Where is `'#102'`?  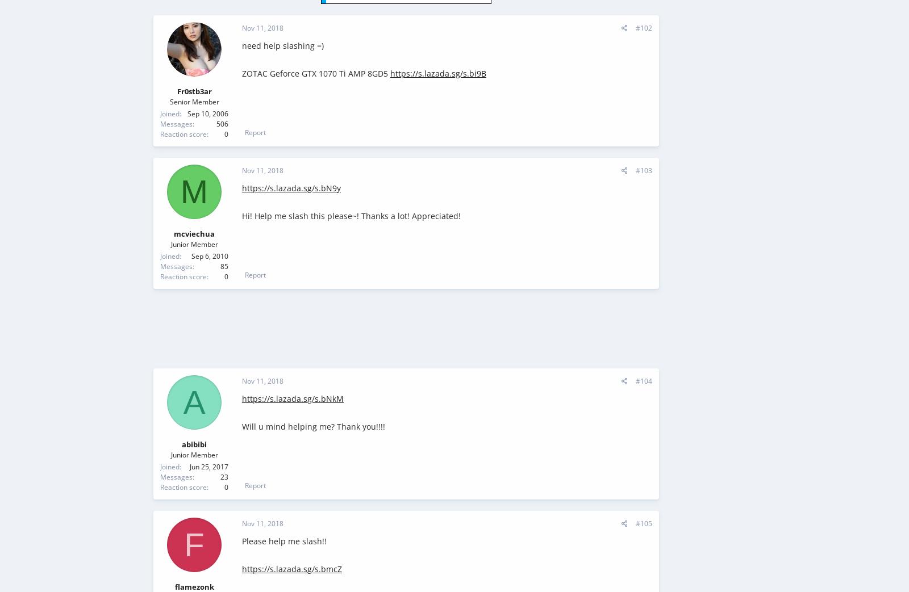
'#102' is located at coordinates (644, 27).